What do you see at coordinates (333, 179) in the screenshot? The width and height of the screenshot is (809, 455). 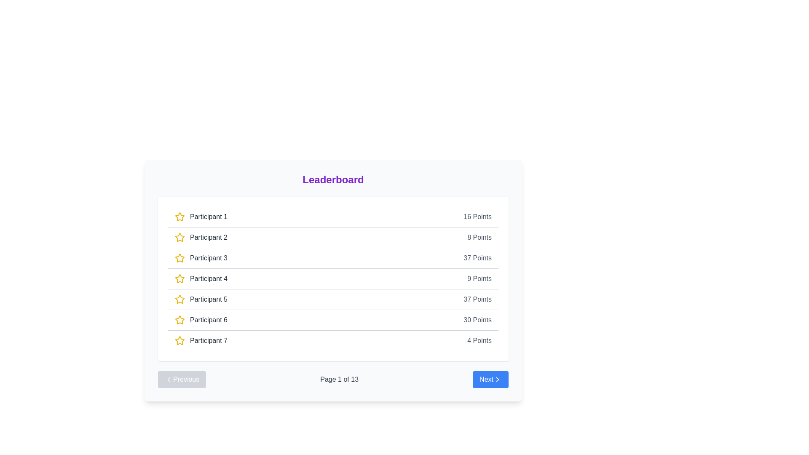 I see `text of the bold, centered title 'Leaderboard' displayed in large, purple text above the list of participant entries` at bounding box center [333, 179].